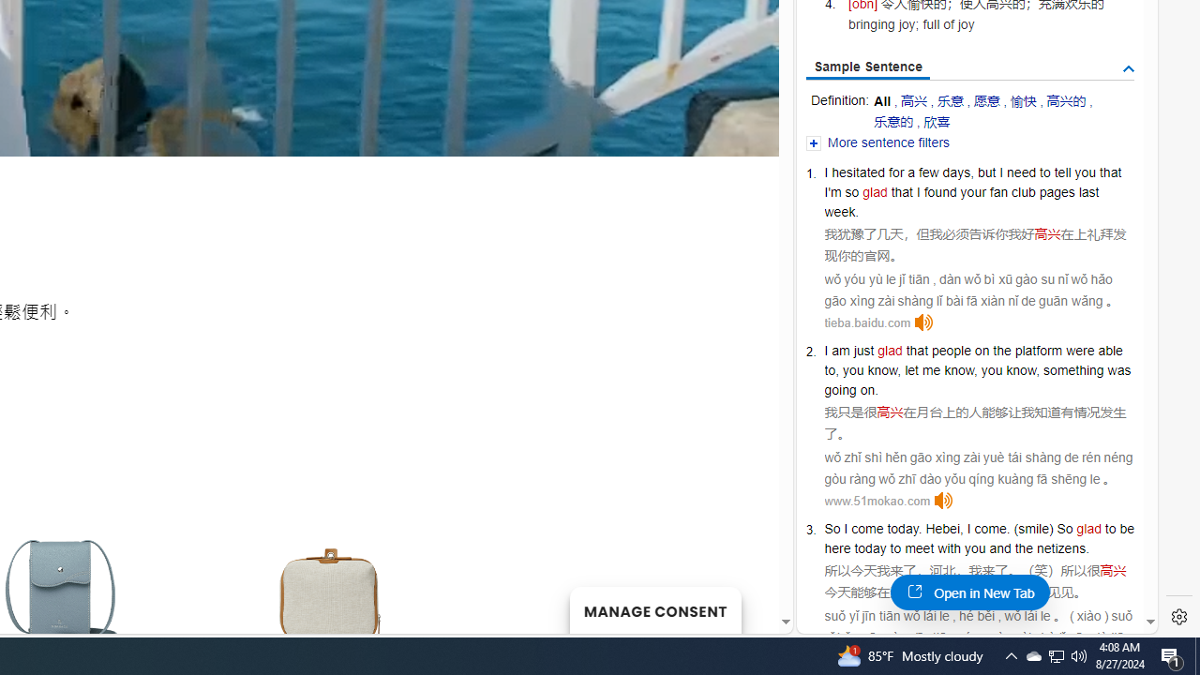 The image size is (1200, 675). Describe the element at coordinates (869, 548) in the screenshot. I see `'today'` at that location.